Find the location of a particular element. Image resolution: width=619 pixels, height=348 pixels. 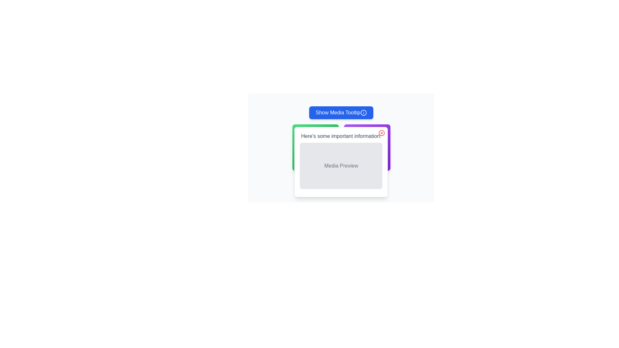

the close button located in the top-right corner of the modal is located at coordinates (382, 132).